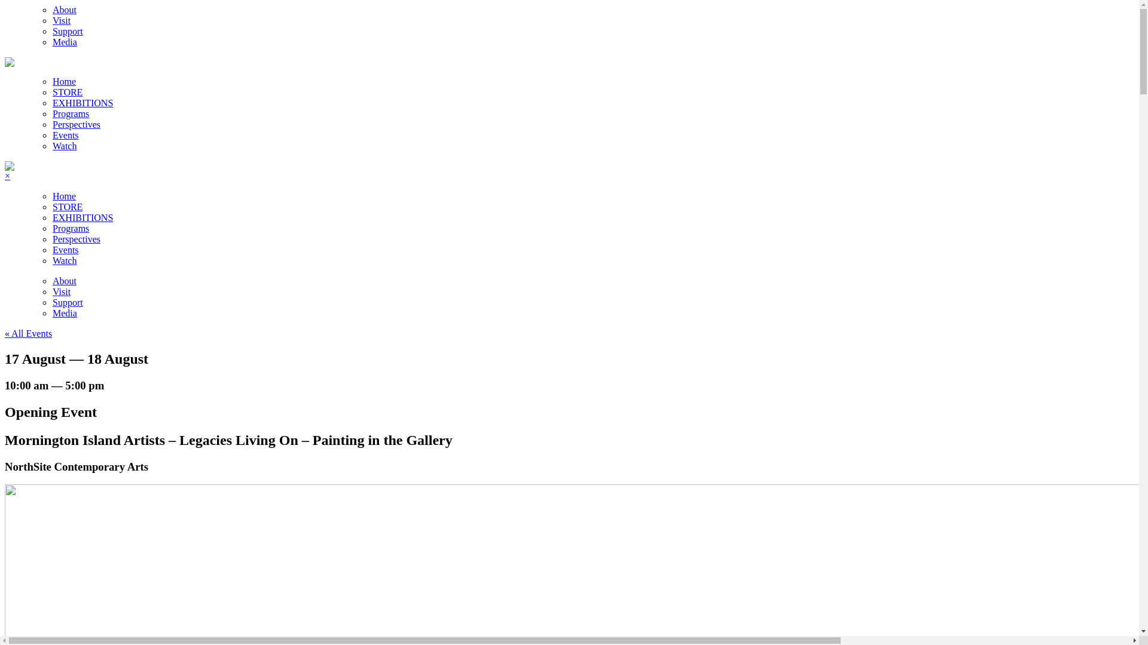  Describe the element at coordinates (51, 81) in the screenshot. I see `'Home'` at that location.